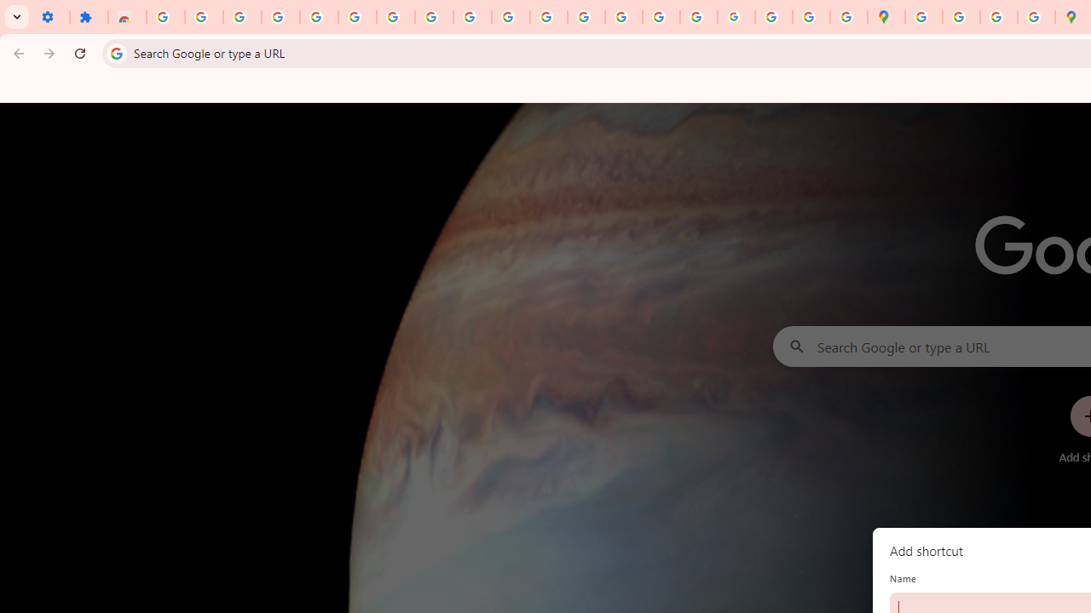  I want to click on 'Create your Google Account', so click(998, 17).